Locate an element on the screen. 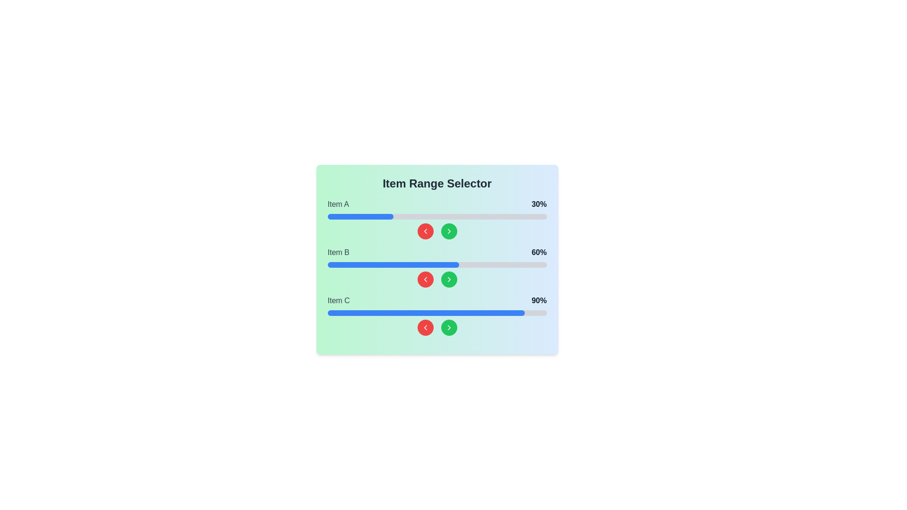 The height and width of the screenshot is (510, 907). the value of Item C slider is located at coordinates (454, 313).